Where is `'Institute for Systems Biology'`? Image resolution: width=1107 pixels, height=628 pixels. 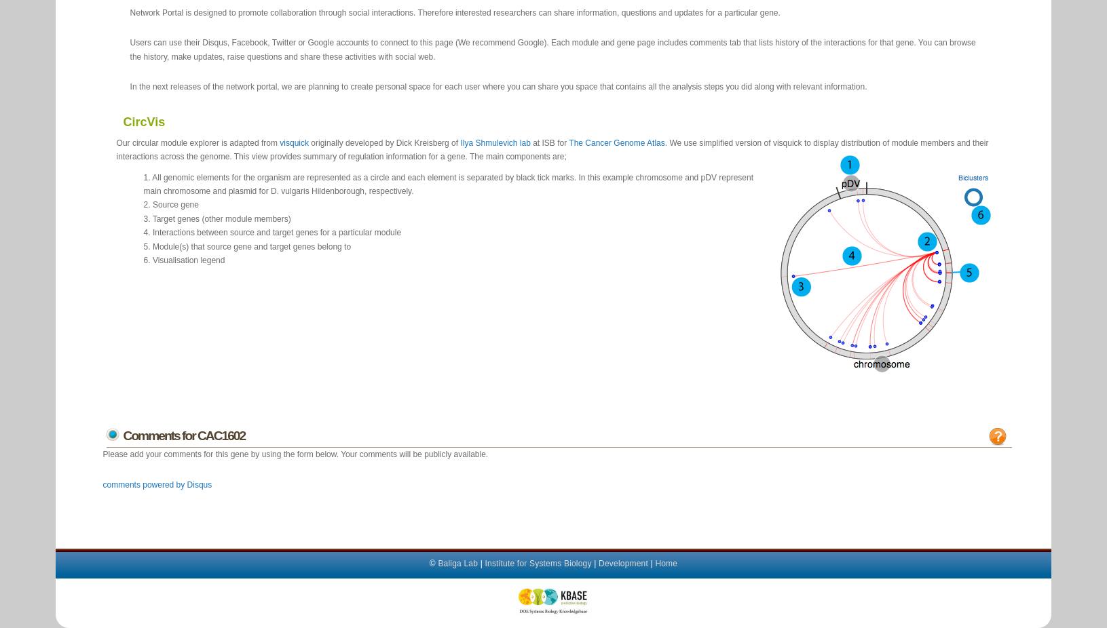
'Institute for Systems Biology' is located at coordinates (484, 562).